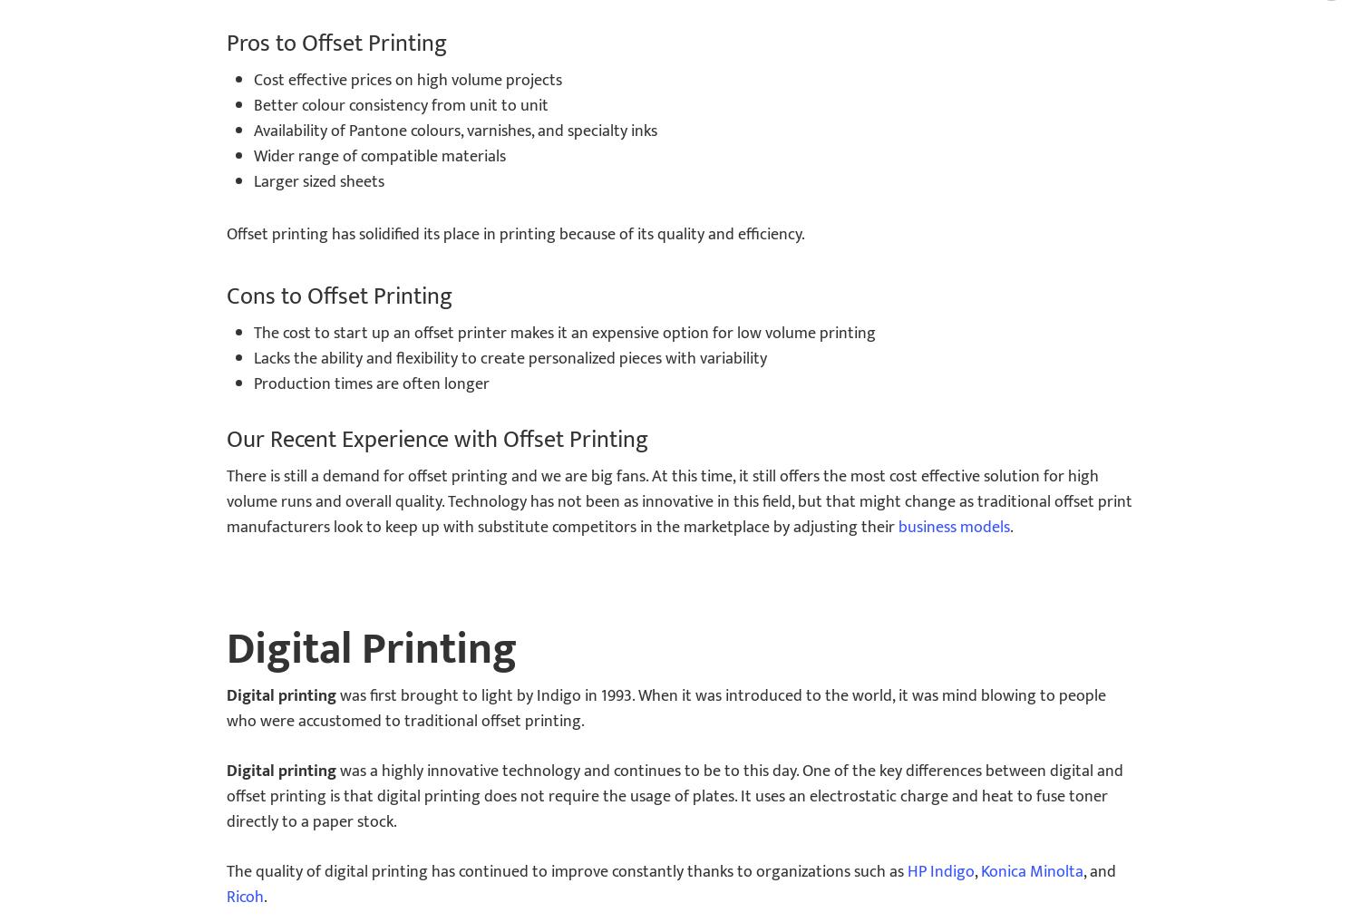  I want to click on 'Larger sized sheets', so click(318, 181).